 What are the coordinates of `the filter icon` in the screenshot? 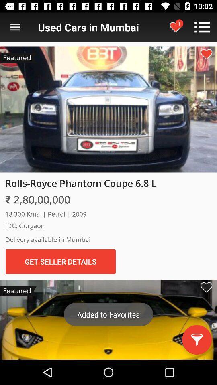 It's located at (197, 339).